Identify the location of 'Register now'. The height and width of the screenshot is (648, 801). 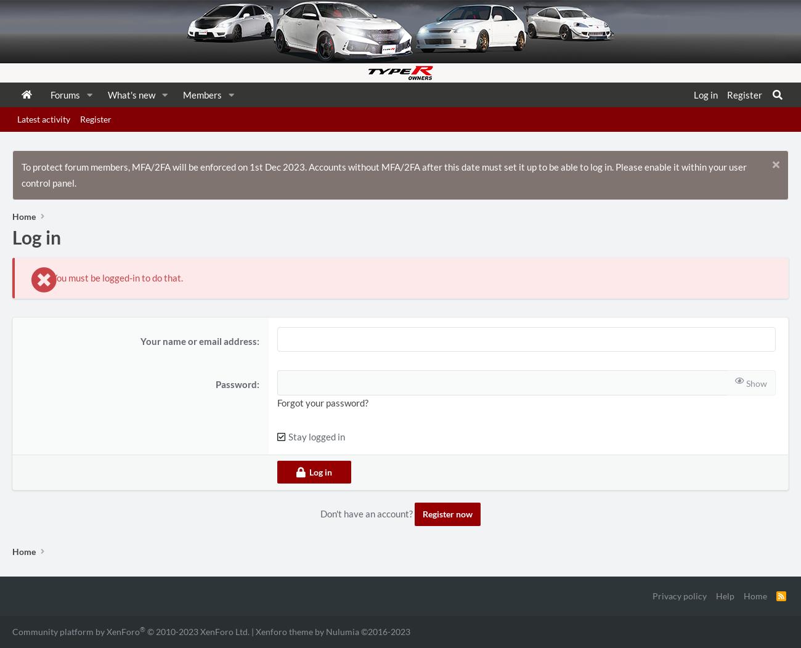
(422, 513).